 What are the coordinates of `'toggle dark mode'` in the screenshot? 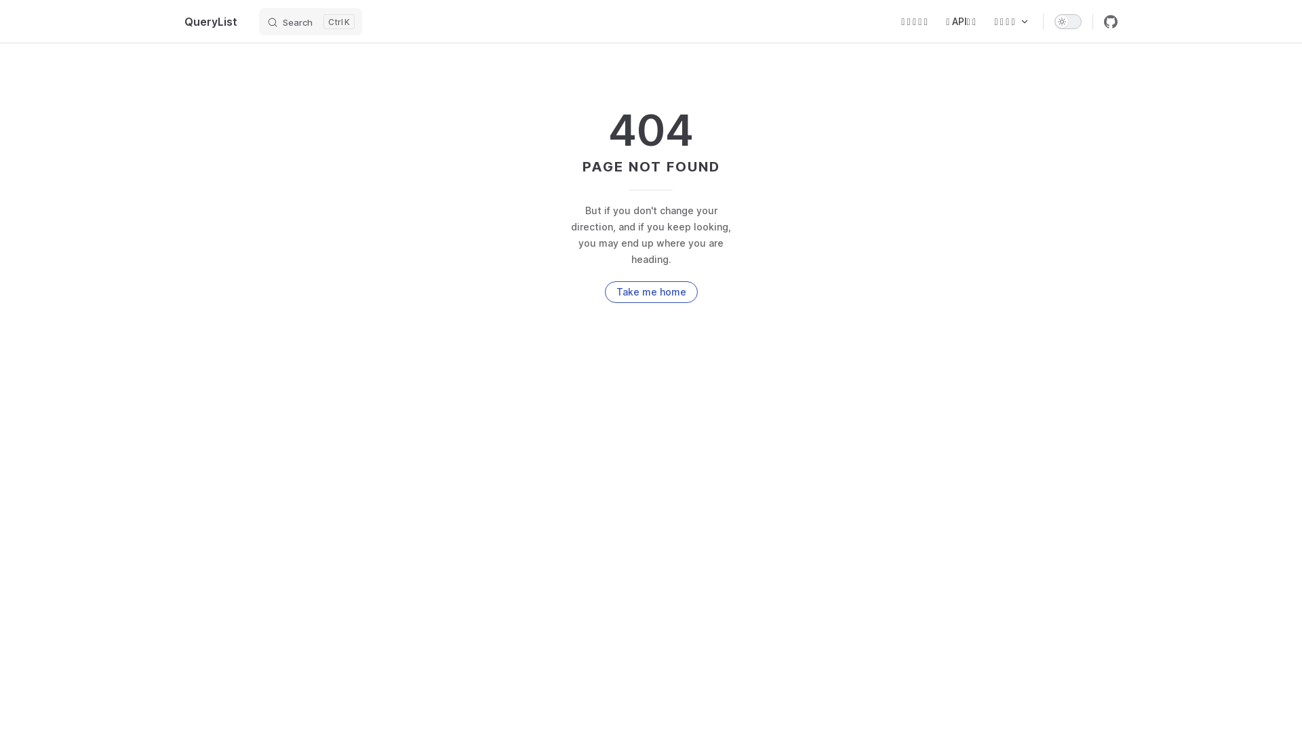 It's located at (1067, 20).